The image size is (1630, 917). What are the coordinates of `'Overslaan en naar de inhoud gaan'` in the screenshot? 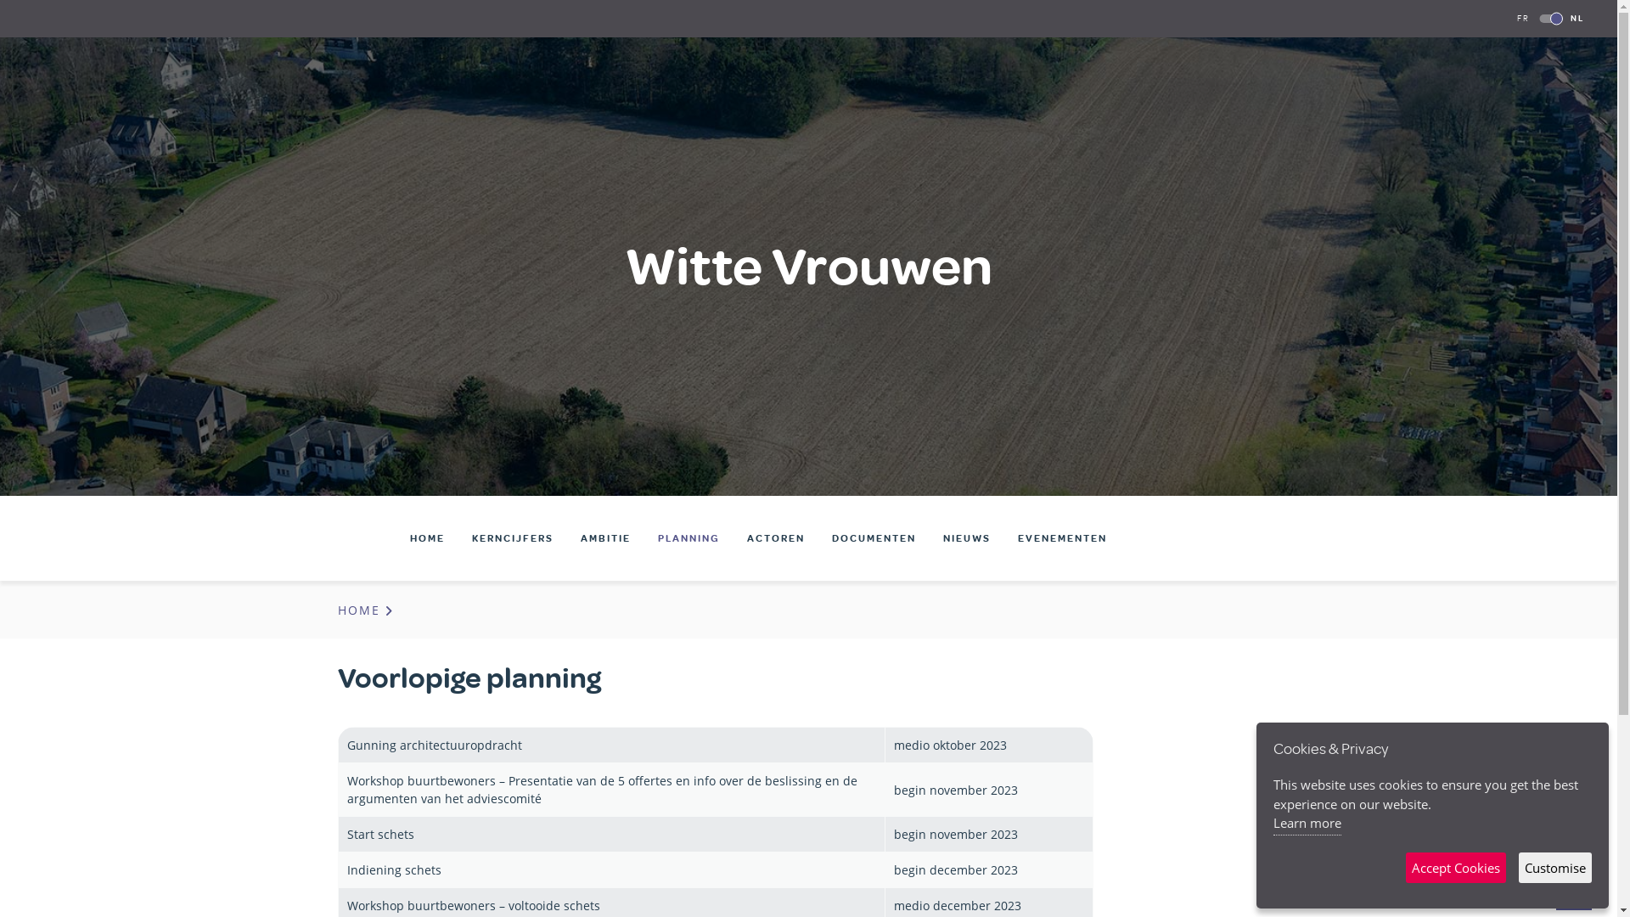 It's located at (0, 0).